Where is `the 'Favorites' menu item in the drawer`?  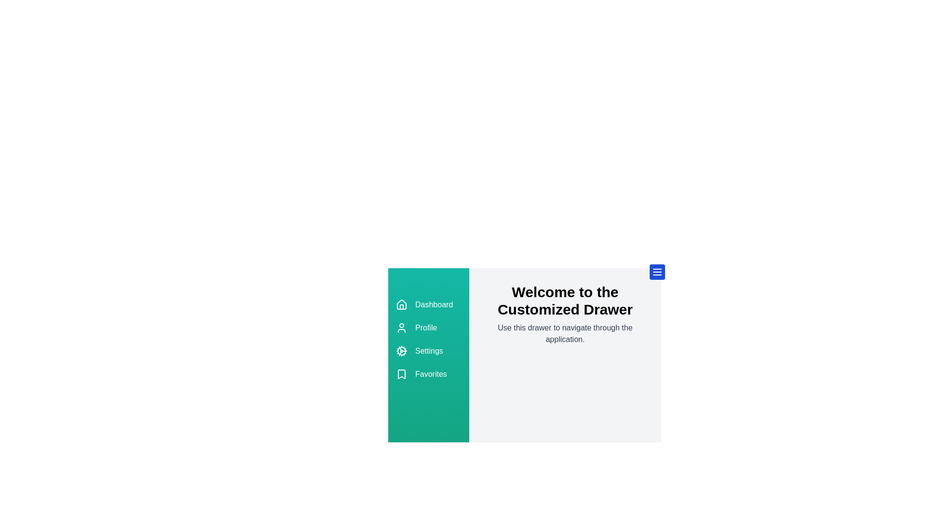 the 'Favorites' menu item in the drawer is located at coordinates (428, 373).